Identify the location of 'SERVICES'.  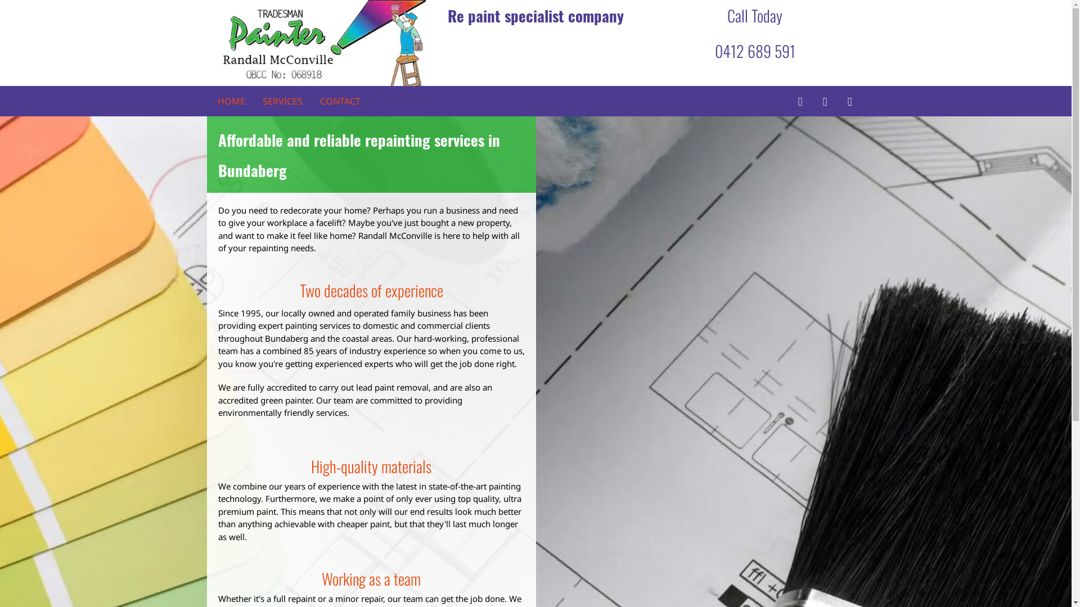
(282, 101).